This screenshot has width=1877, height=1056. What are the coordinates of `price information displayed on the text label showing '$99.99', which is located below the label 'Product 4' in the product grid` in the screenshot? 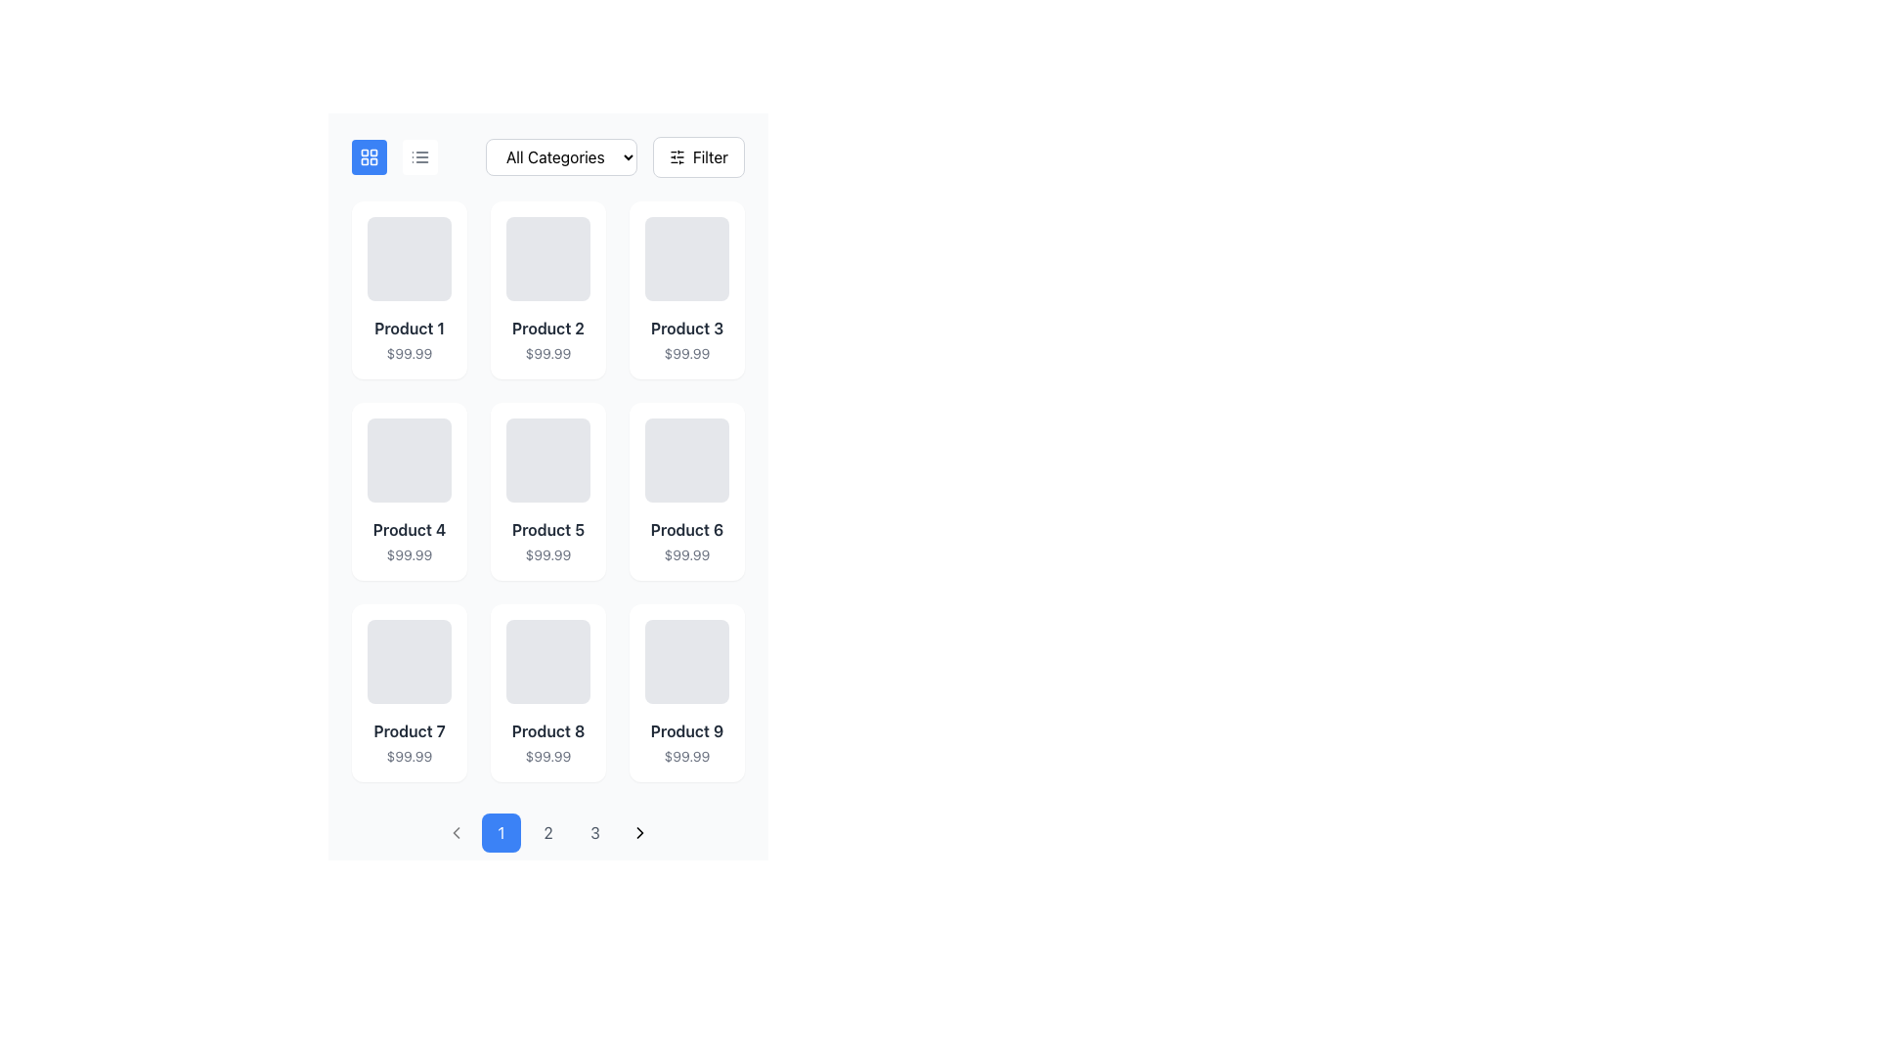 It's located at (408, 554).